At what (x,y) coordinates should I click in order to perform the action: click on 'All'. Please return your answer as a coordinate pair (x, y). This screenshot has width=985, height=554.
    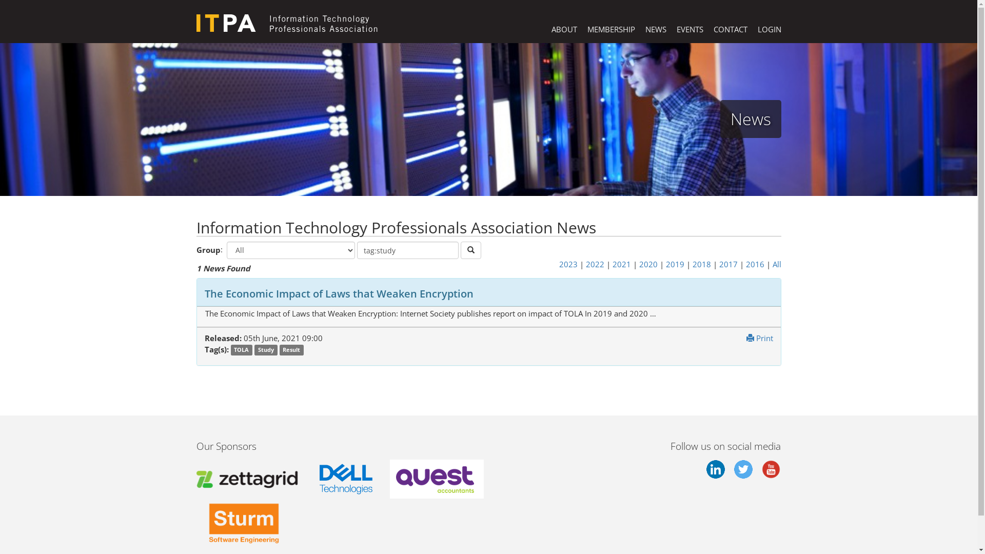
    Looking at the image, I should click on (773, 264).